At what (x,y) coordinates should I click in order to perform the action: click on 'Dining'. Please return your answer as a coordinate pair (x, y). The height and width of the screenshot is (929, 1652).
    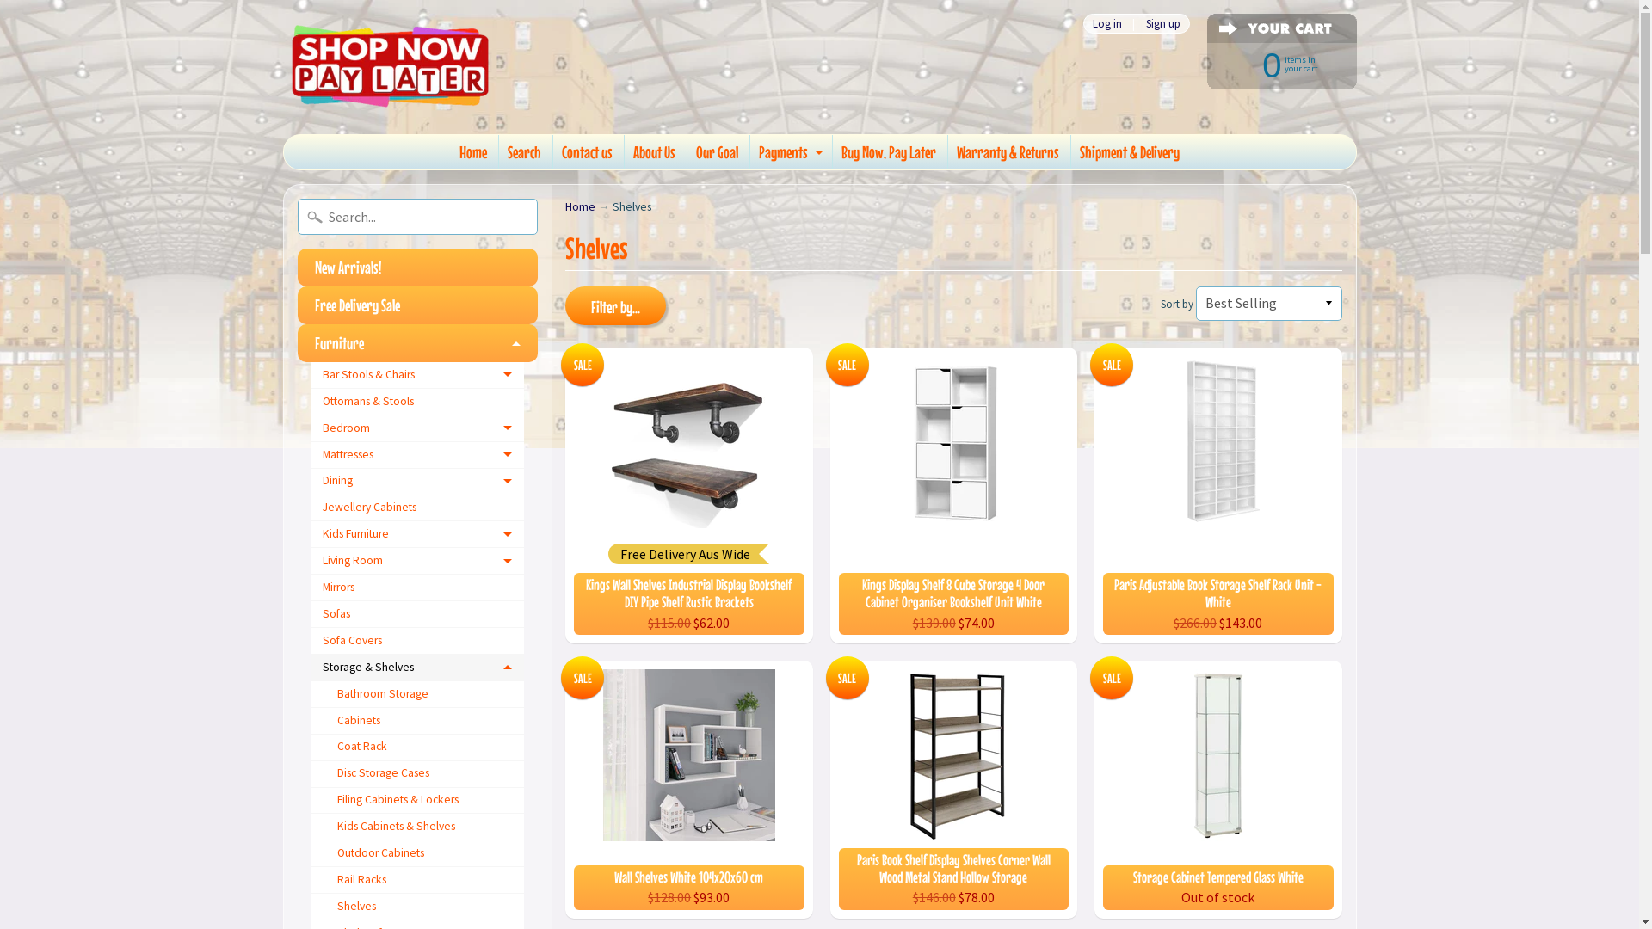
    Looking at the image, I should click on (311, 482).